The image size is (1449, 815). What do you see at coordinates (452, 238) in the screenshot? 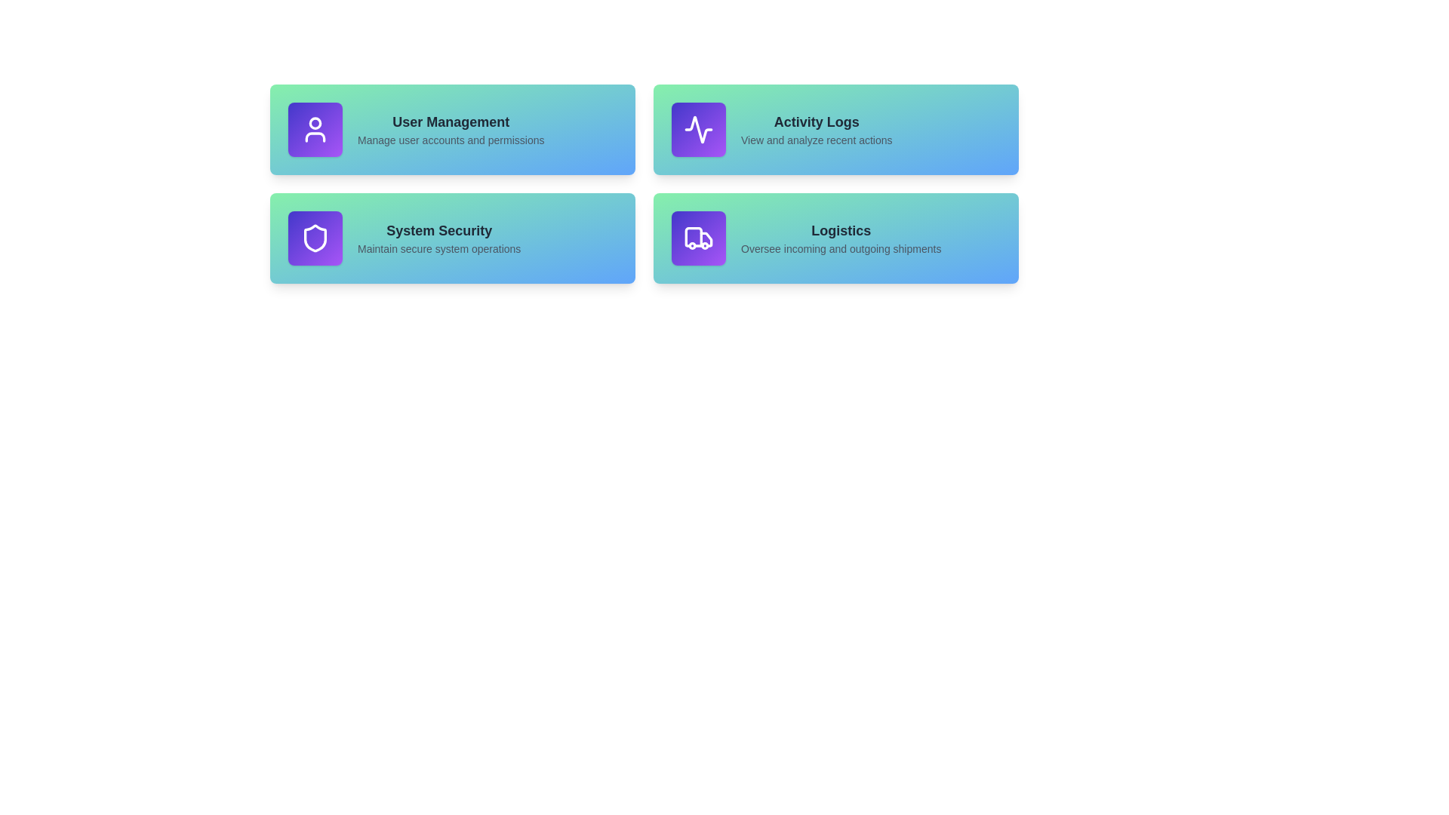
I see `the System Security section to explore its functionality` at bounding box center [452, 238].